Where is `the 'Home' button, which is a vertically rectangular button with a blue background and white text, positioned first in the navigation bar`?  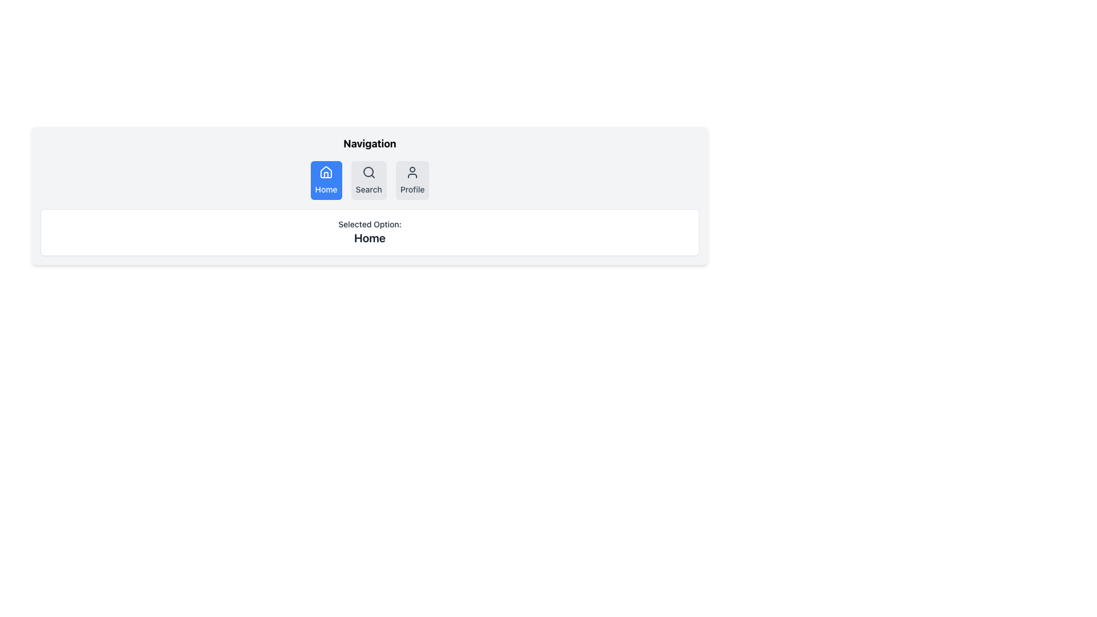
the 'Home' button, which is a vertically rectangular button with a blue background and white text, positioned first in the navigation bar is located at coordinates (326, 180).